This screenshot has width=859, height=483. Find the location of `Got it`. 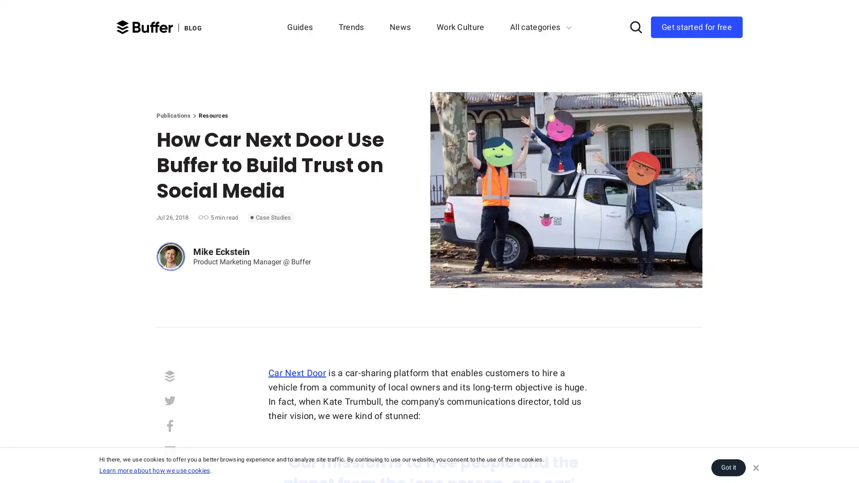

Got it is located at coordinates (728, 467).